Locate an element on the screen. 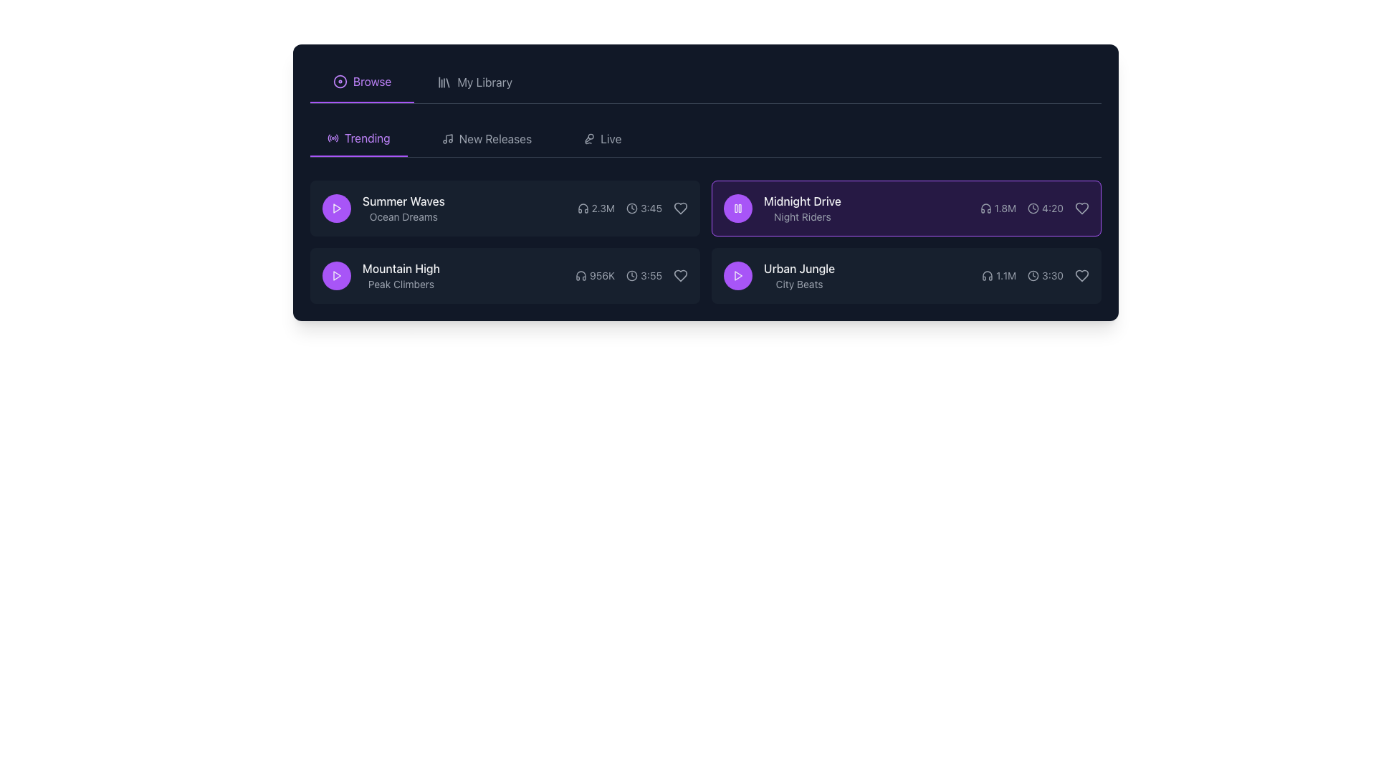  the small circular button with a purple background and a white play icon for the song 'Summer Waves' to observe the hover effects is located at coordinates (336, 208).